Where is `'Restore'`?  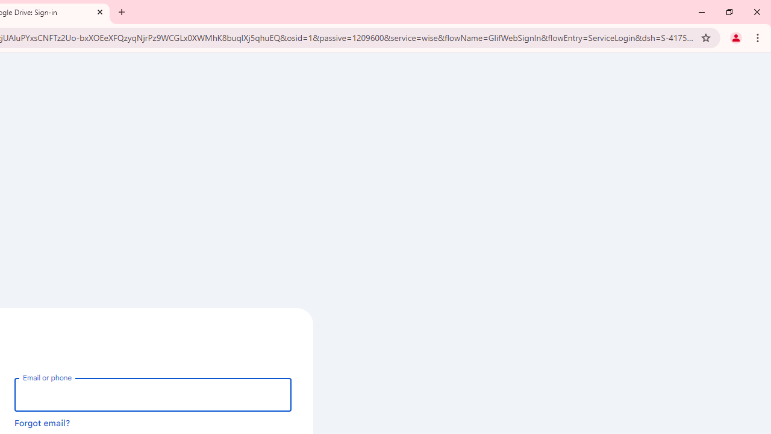 'Restore' is located at coordinates (728, 12).